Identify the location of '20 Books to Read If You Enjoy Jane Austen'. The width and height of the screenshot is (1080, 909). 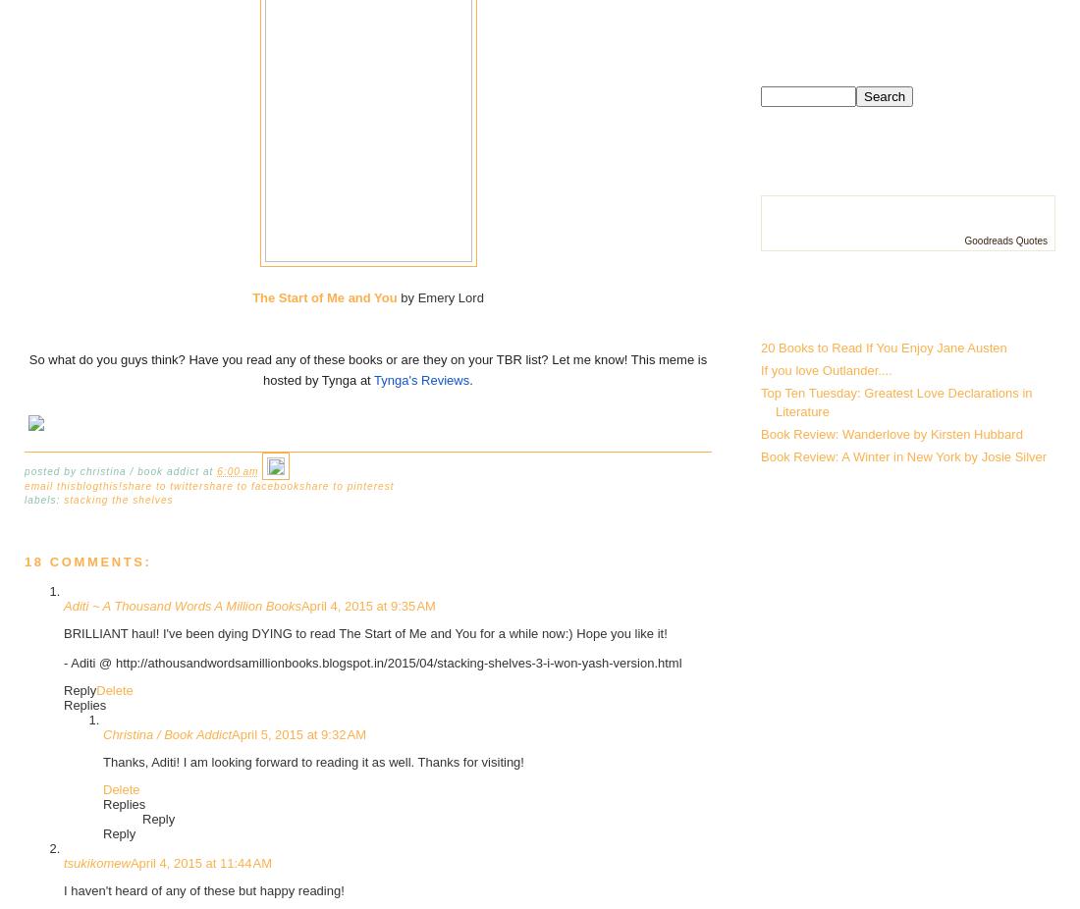
(760, 348).